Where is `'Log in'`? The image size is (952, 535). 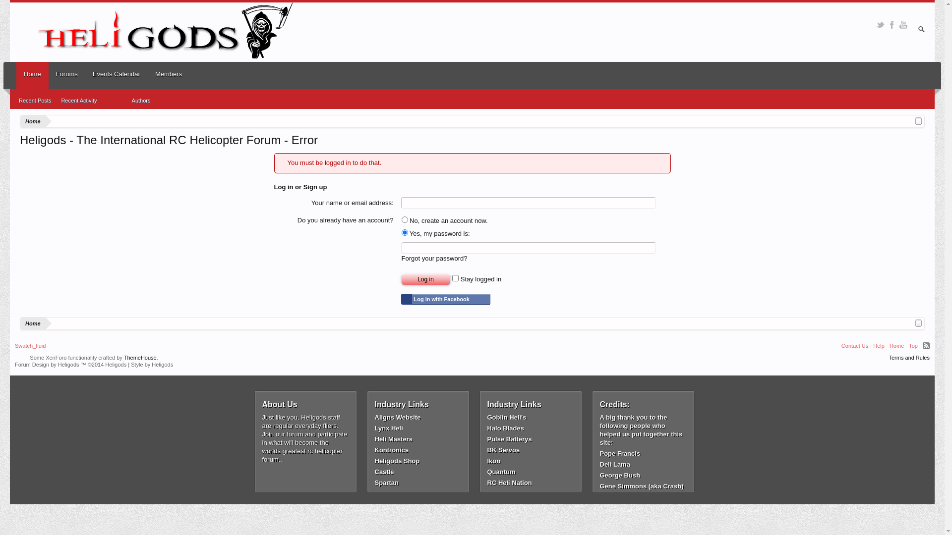
'Log in' is located at coordinates (425, 279).